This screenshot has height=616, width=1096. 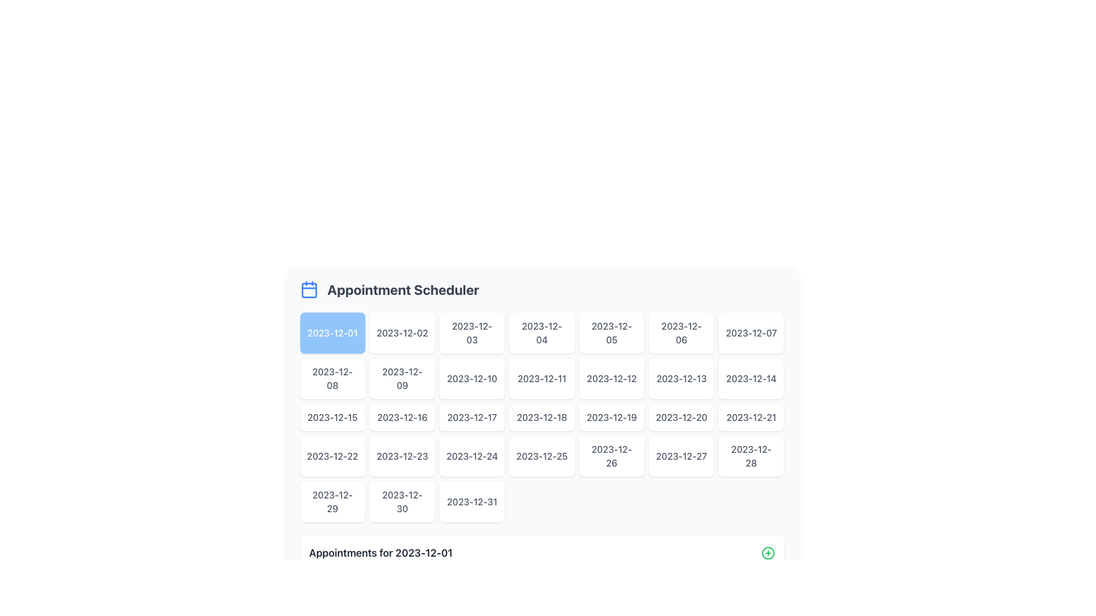 I want to click on the date picker item displaying '2023-12-29', so click(x=332, y=501).